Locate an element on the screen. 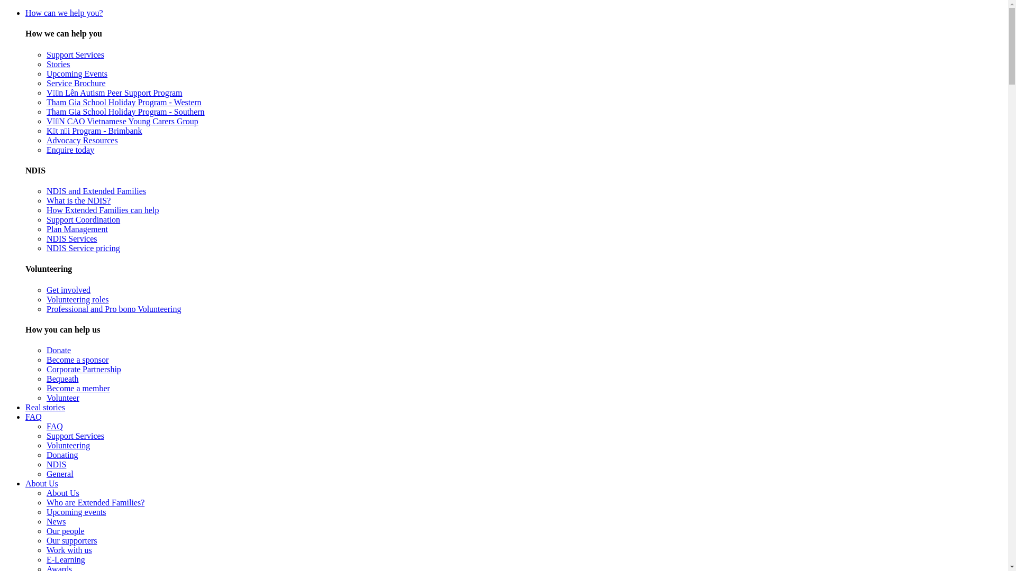  'Our supporters' is located at coordinates (71, 540).